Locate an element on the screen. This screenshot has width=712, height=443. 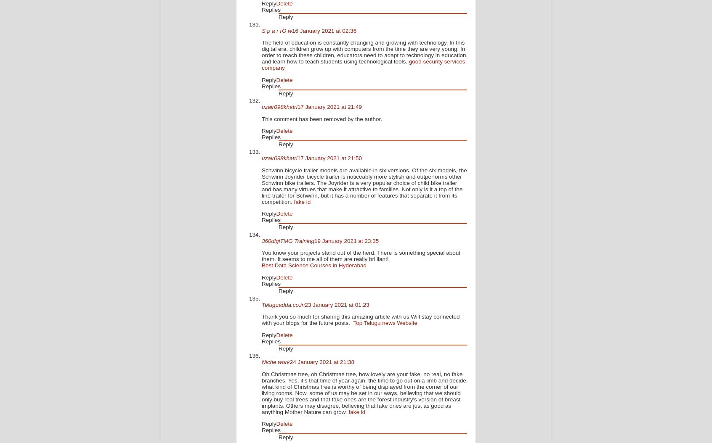
'Thank you so much for sharing this amazing article with us.Will stay connected with your blogs for the future posts.' is located at coordinates (261, 319).